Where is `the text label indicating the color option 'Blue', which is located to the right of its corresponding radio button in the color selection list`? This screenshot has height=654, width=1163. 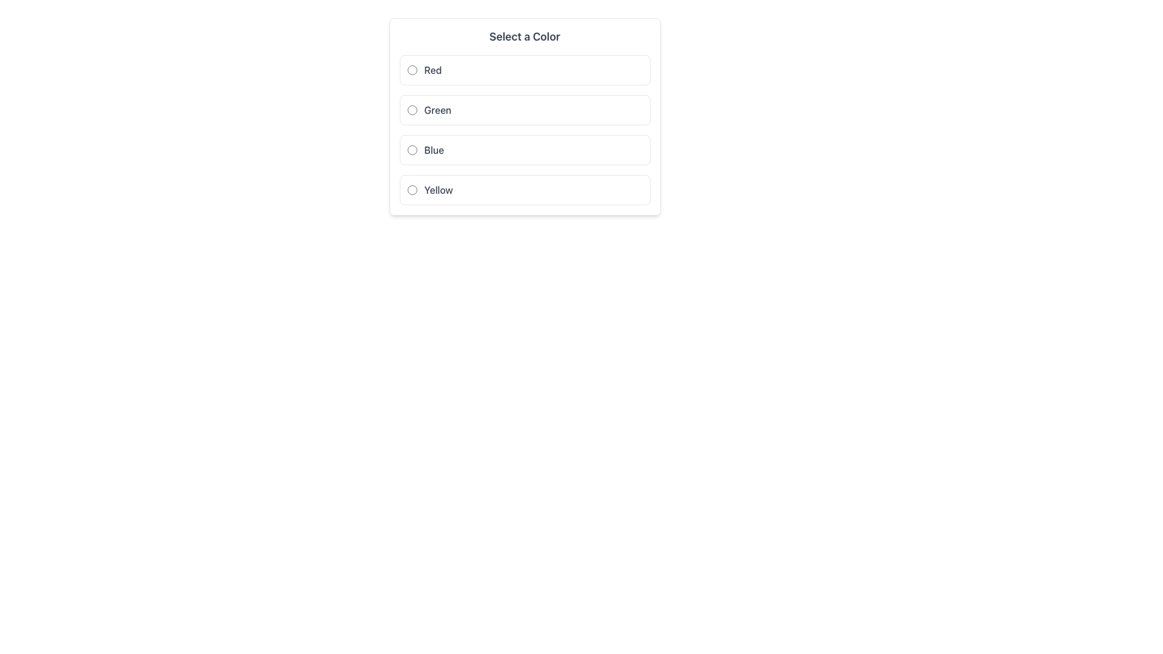 the text label indicating the color option 'Blue', which is located to the right of its corresponding radio button in the color selection list is located at coordinates (434, 149).